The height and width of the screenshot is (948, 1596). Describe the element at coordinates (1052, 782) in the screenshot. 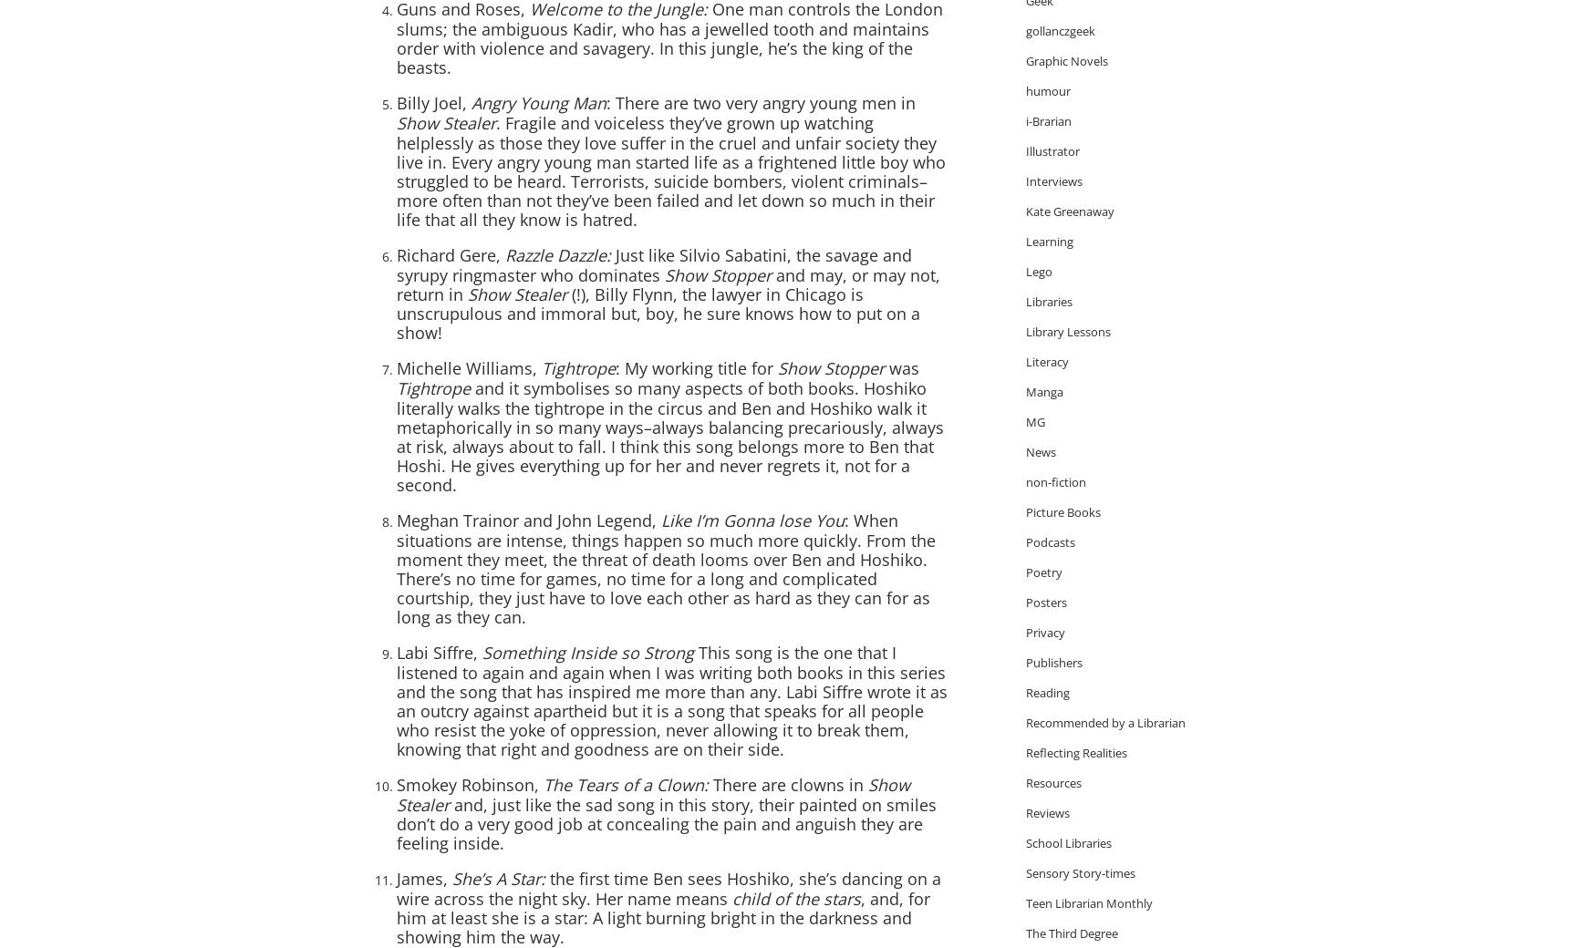

I see `'Resources'` at that location.